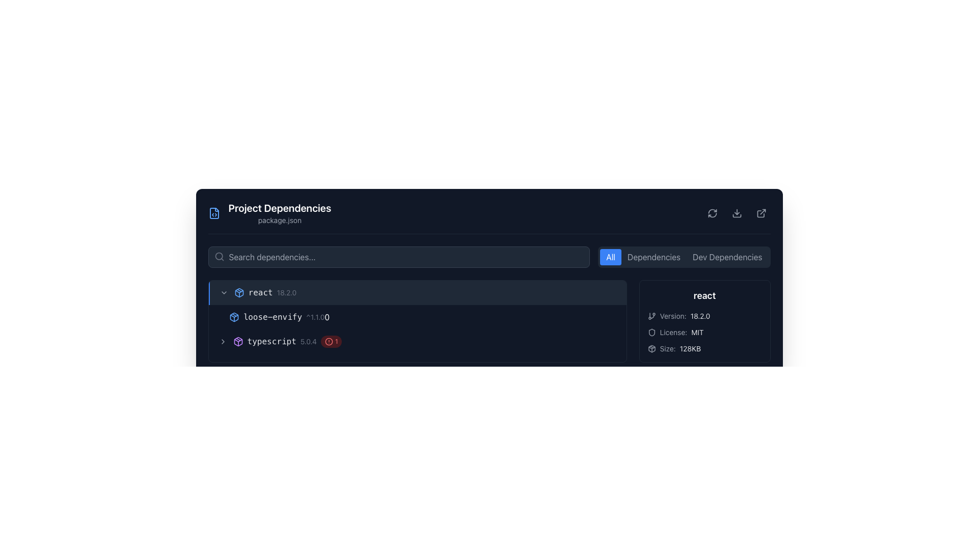  What do you see at coordinates (222, 342) in the screenshot?
I see `the Chevron icon button located to the right of the text 'react' in the list of dependencies` at bounding box center [222, 342].